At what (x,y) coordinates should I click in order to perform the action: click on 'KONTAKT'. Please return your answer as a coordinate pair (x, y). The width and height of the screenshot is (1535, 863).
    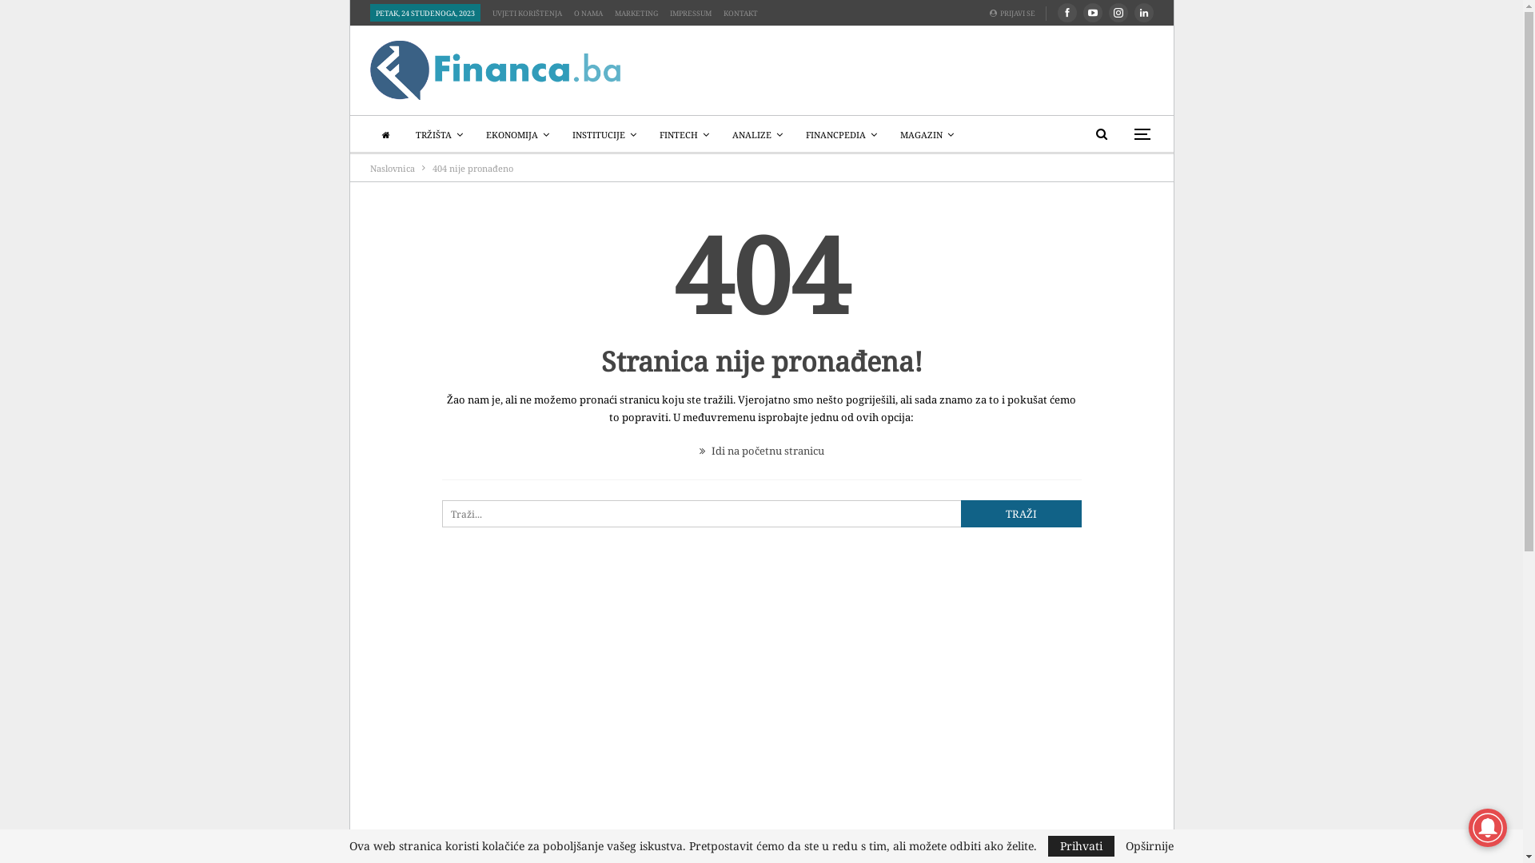
    Looking at the image, I should click on (721, 13).